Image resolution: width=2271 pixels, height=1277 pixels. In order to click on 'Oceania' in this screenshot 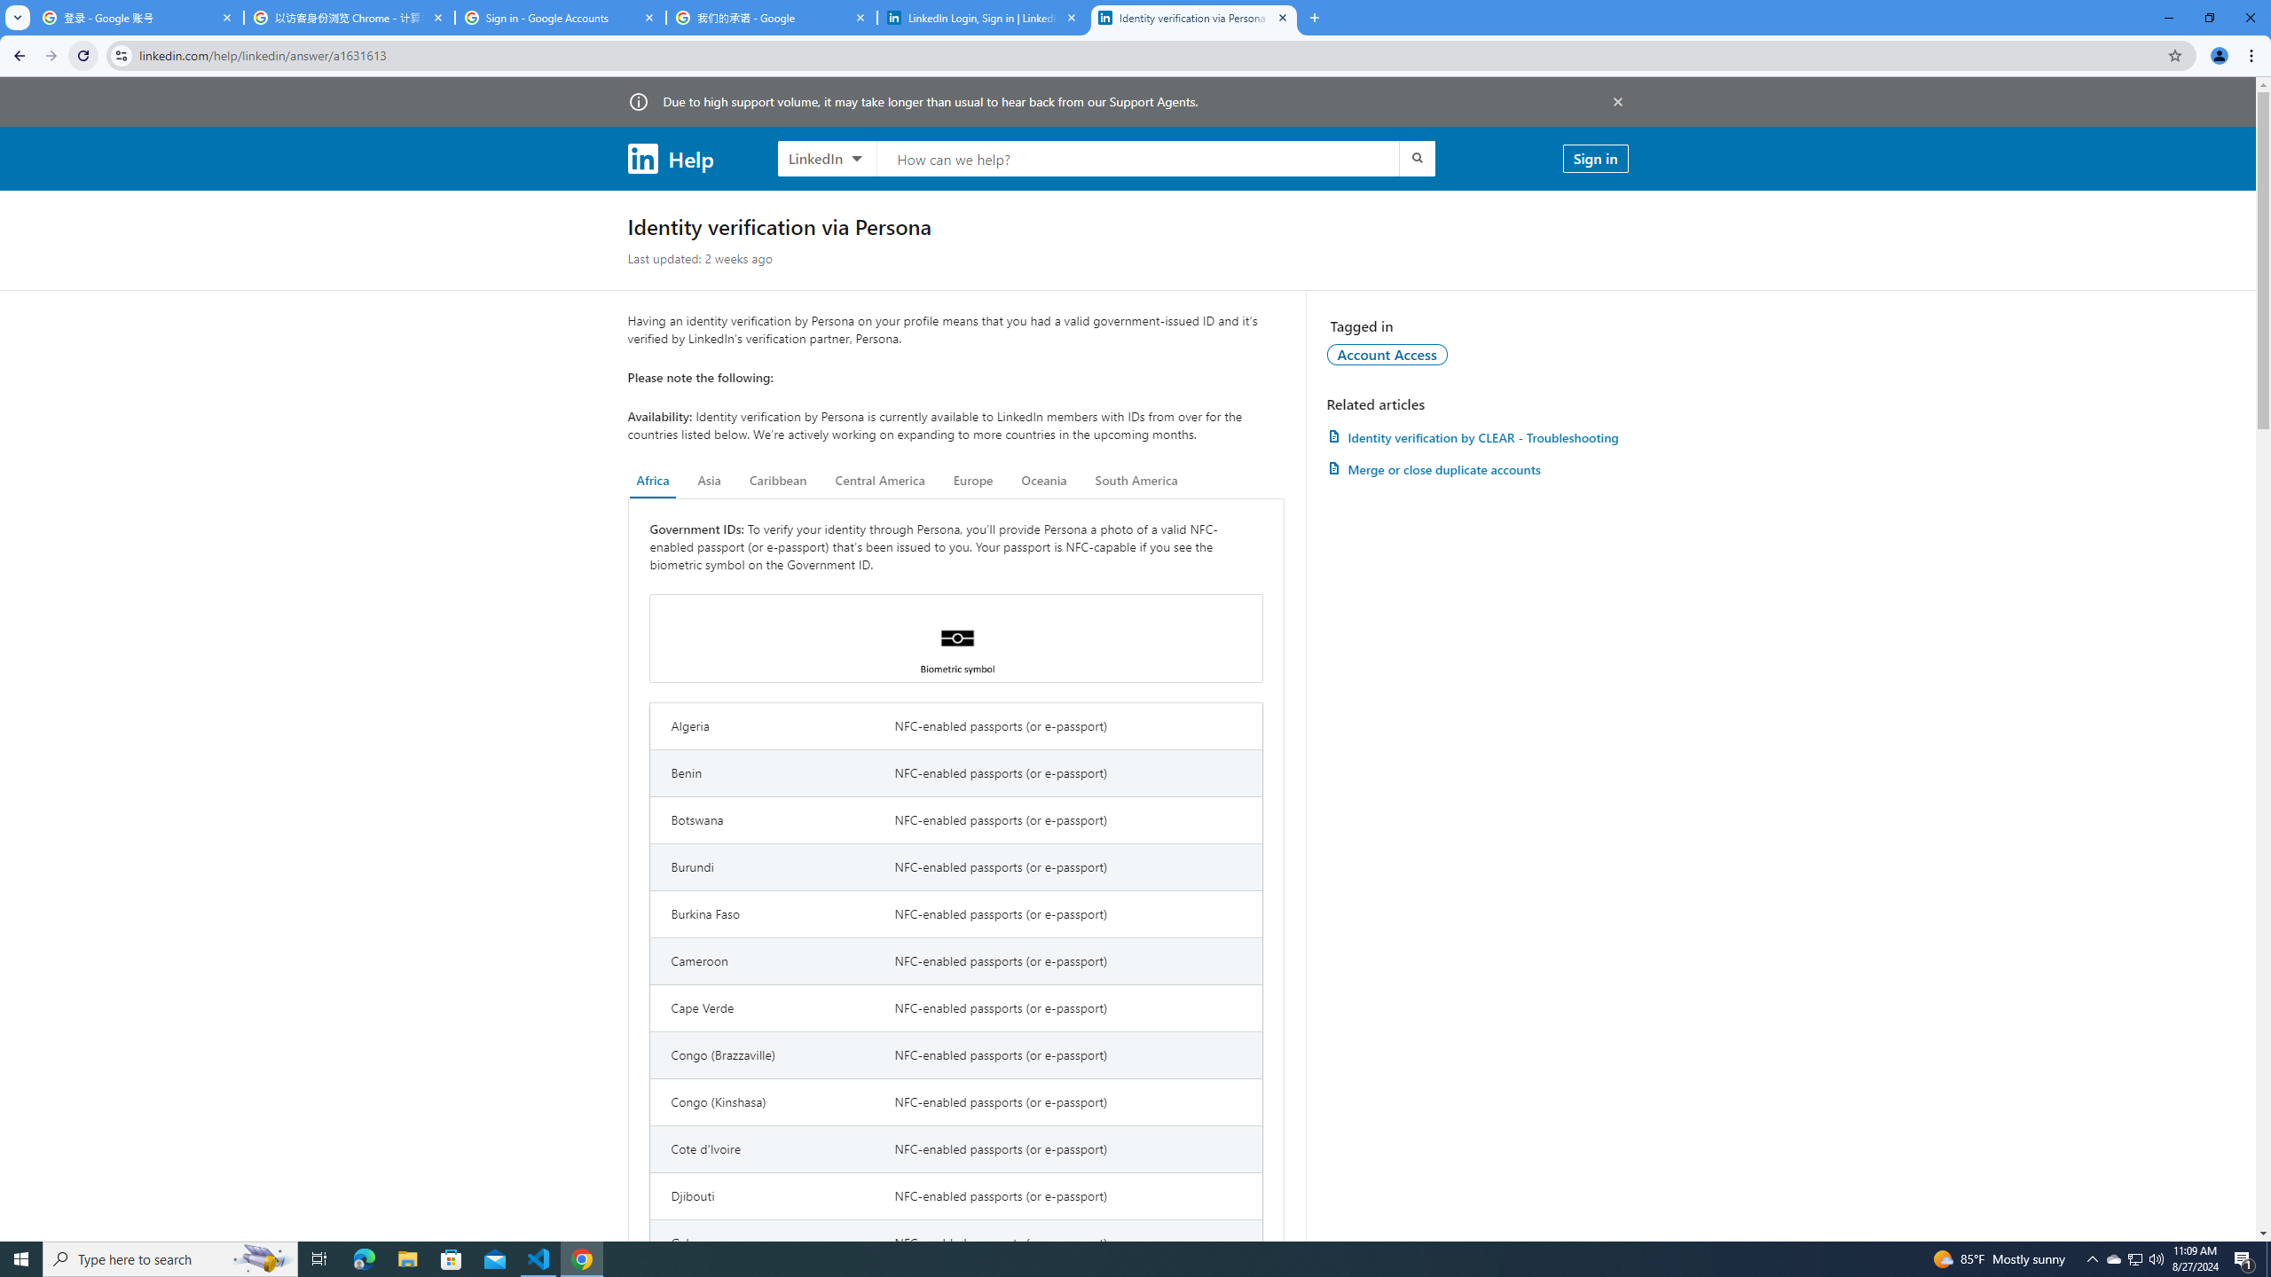, I will do `click(1042, 480)`.